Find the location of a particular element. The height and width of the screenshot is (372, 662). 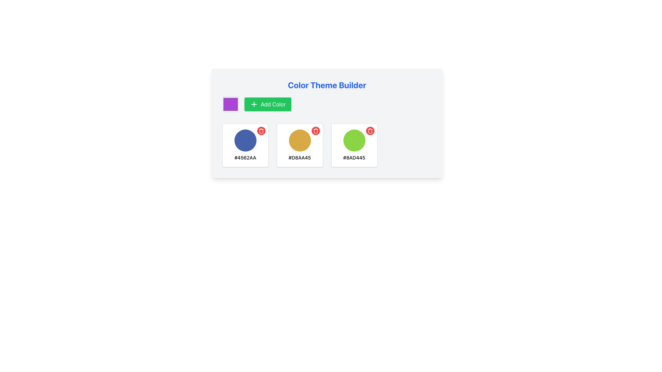

the rounded red button with a white trash icon located at the top-right corner of the first card in the list of color cards is located at coordinates (261, 131).